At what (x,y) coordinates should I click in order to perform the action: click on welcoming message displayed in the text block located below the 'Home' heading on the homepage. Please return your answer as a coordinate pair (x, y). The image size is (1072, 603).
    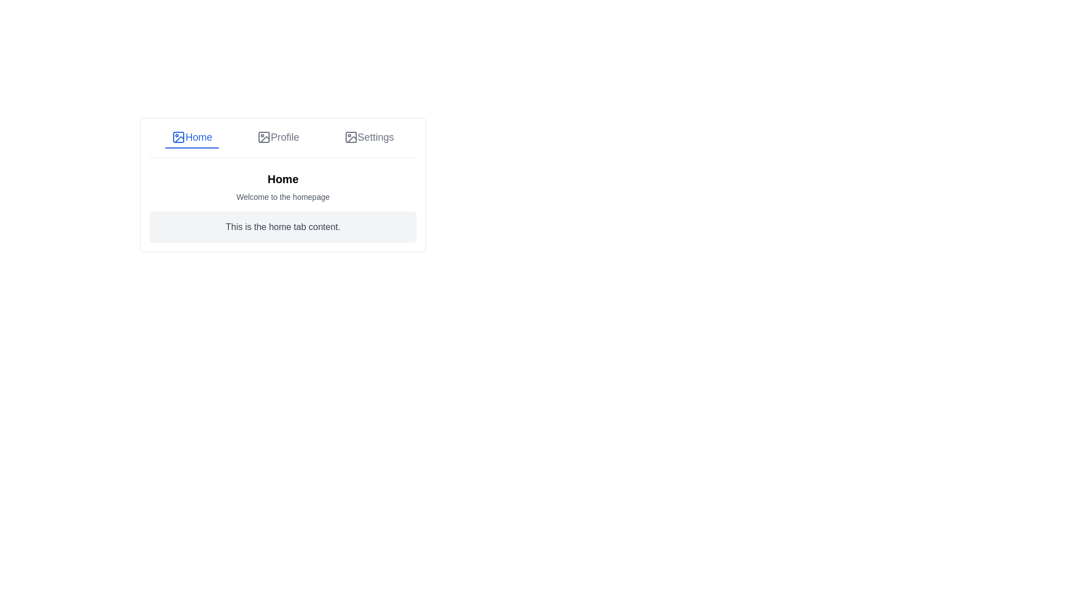
    Looking at the image, I should click on (283, 197).